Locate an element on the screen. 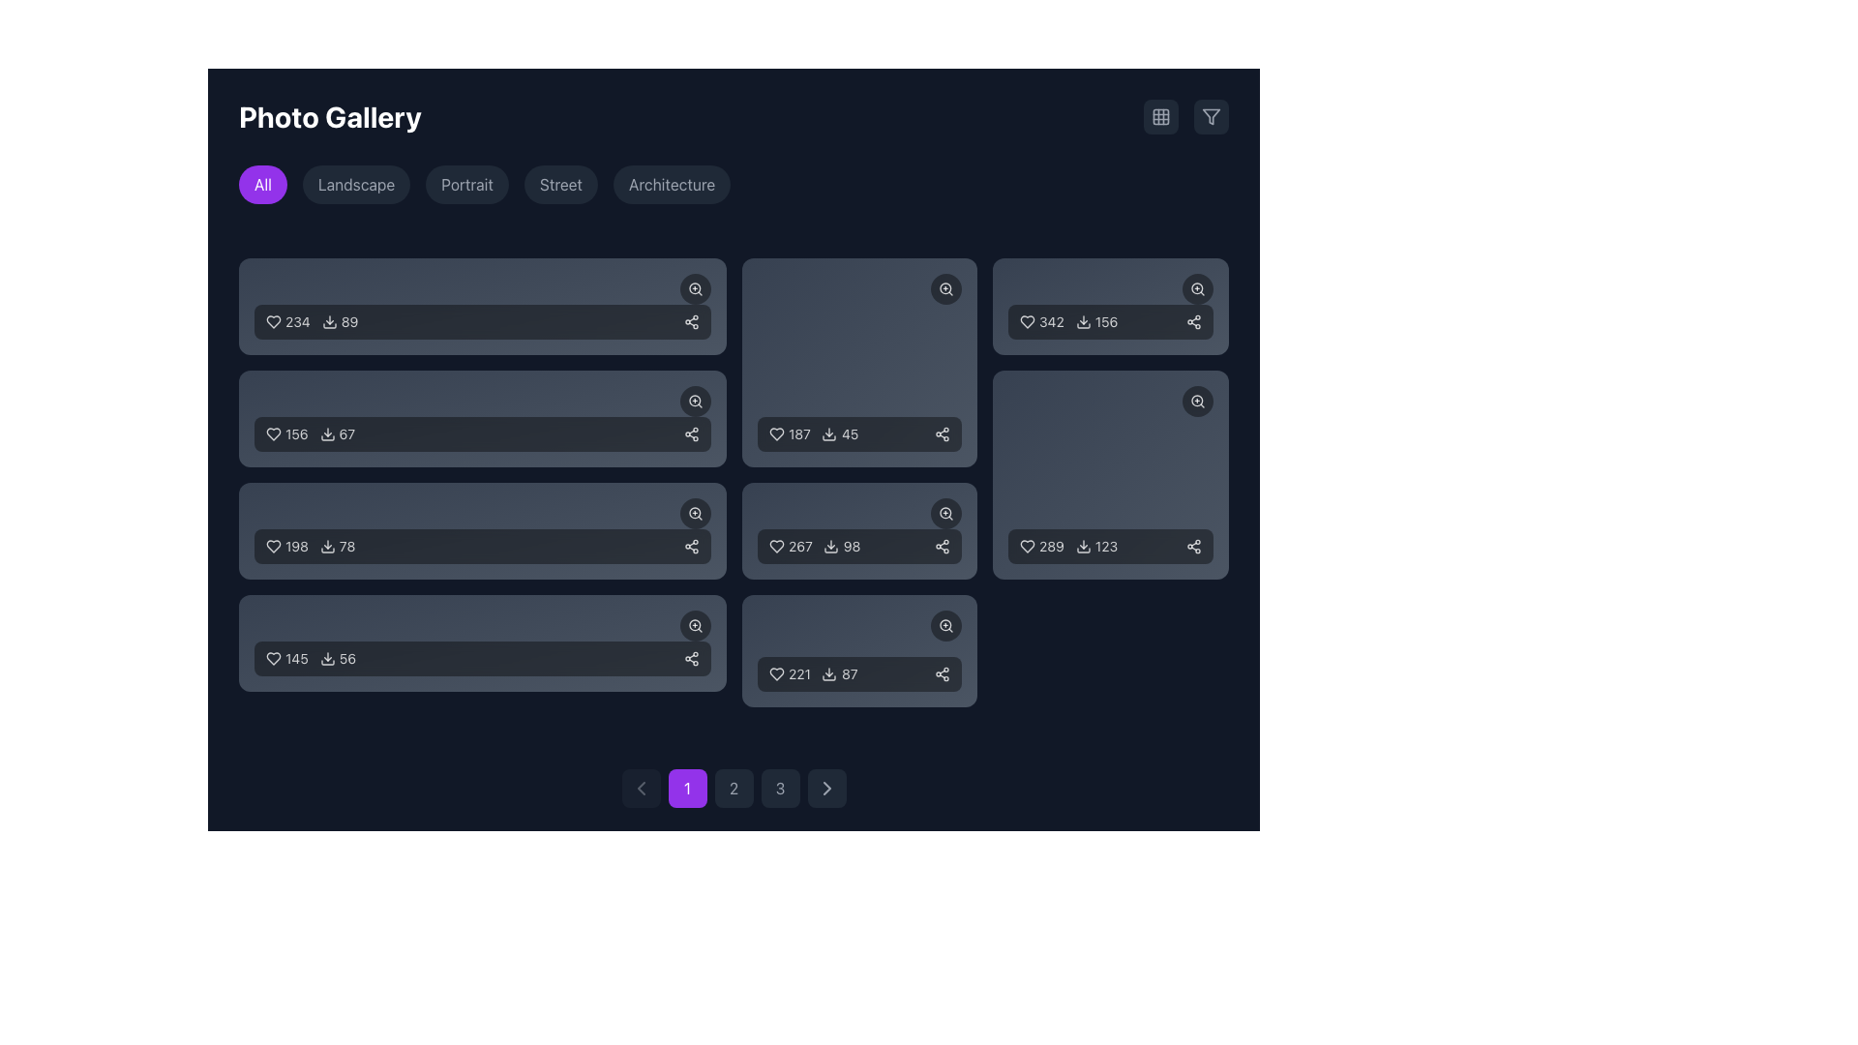 The image size is (1858, 1045). the filter button located in the top-right corner of the interface is located at coordinates (1211, 116).